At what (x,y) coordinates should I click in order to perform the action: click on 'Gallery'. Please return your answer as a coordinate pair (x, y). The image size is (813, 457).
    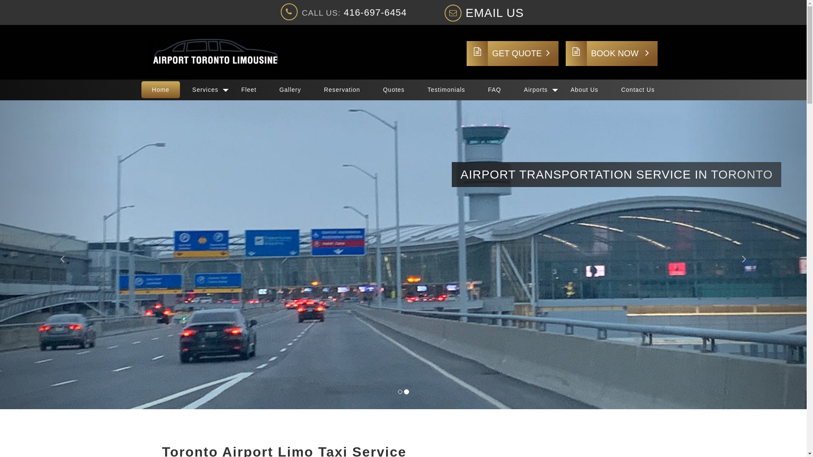
    Looking at the image, I should click on (290, 90).